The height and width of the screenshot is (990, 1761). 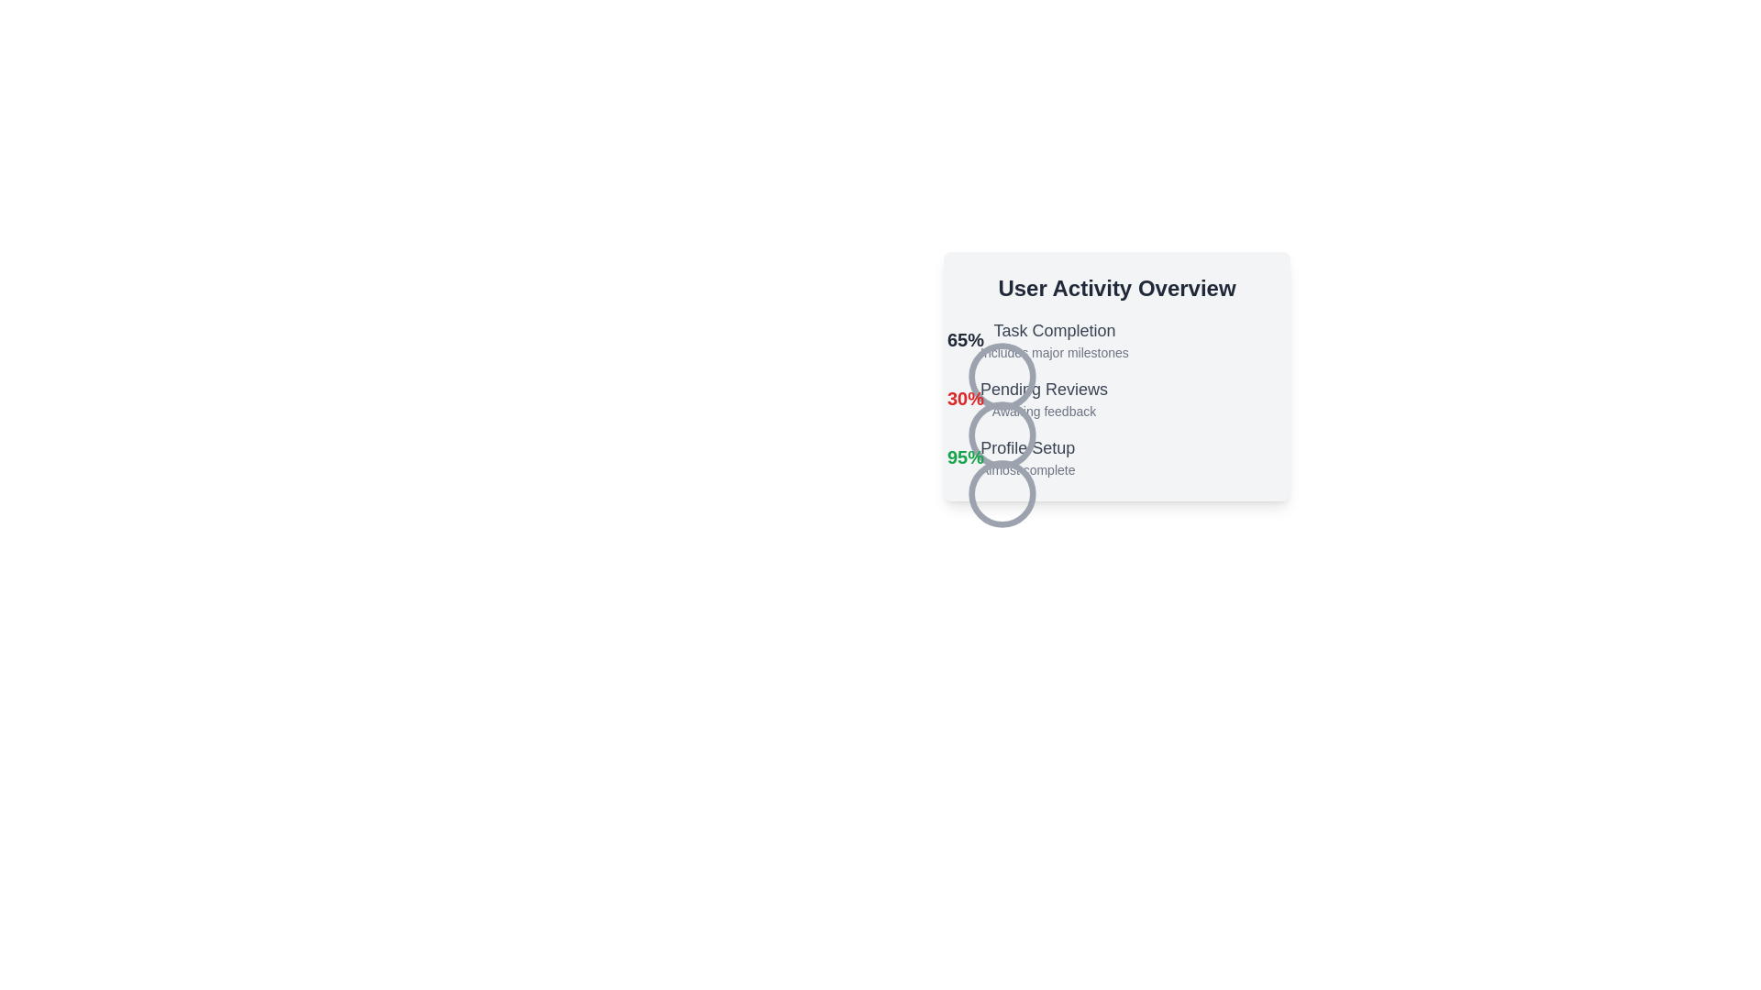 I want to click on the 'Pending Reviews' text label, which is styled in a moderately large, bold font and is located in the User Activity Overview section, specifically as the second entry in a vertical list, so click(x=1044, y=388).